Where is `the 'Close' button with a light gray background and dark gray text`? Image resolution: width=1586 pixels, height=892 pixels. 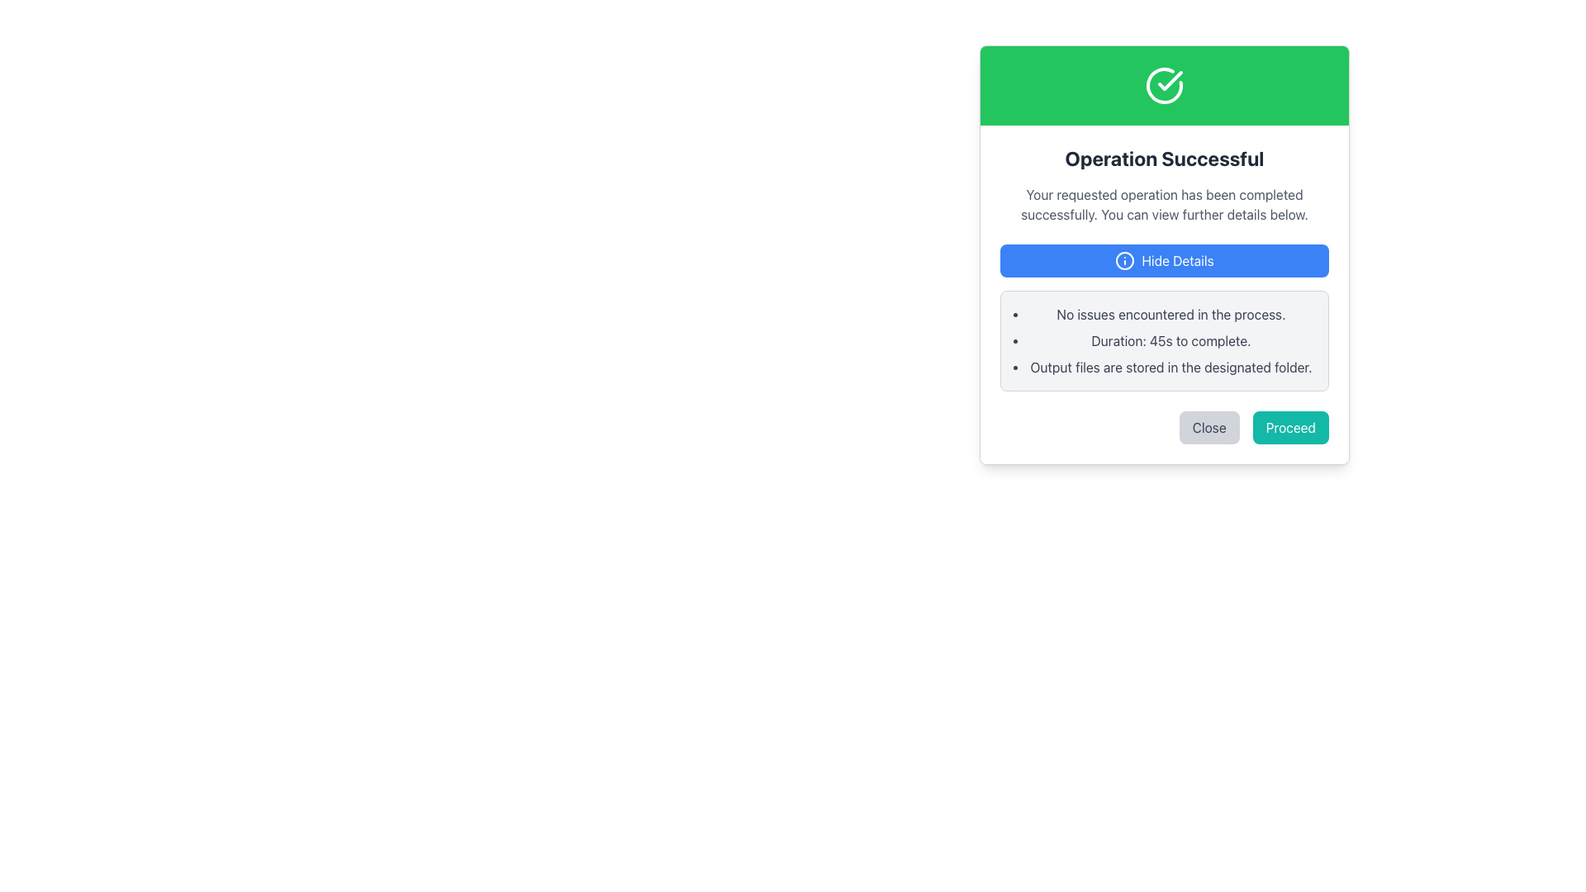 the 'Close' button with a light gray background and dark gray text is located at coordinates (1209, 426).